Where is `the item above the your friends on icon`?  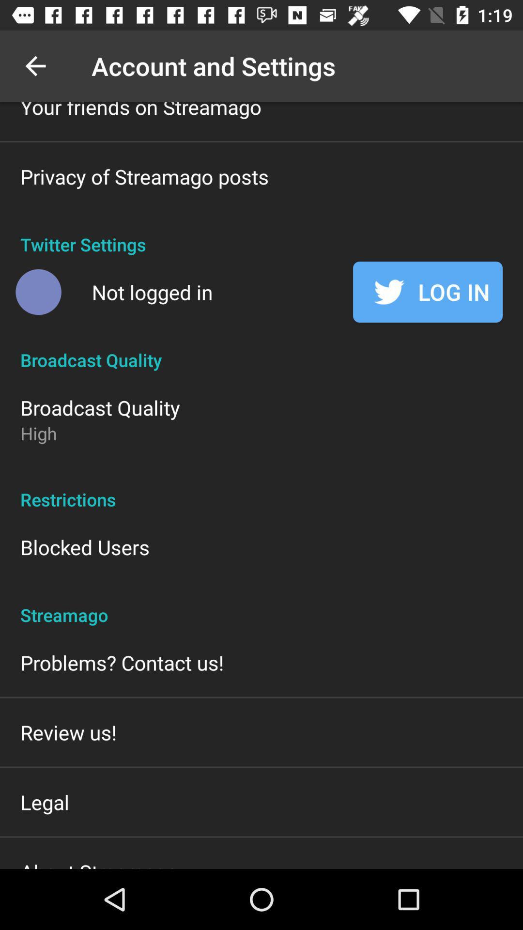 the item above the your friends on icon is located at coordinates (35, 65).